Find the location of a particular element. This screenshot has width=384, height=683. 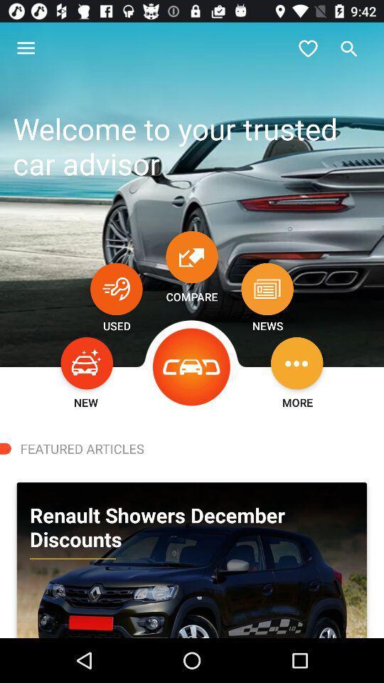

the item below news icon is located at coordinates (296, 362).